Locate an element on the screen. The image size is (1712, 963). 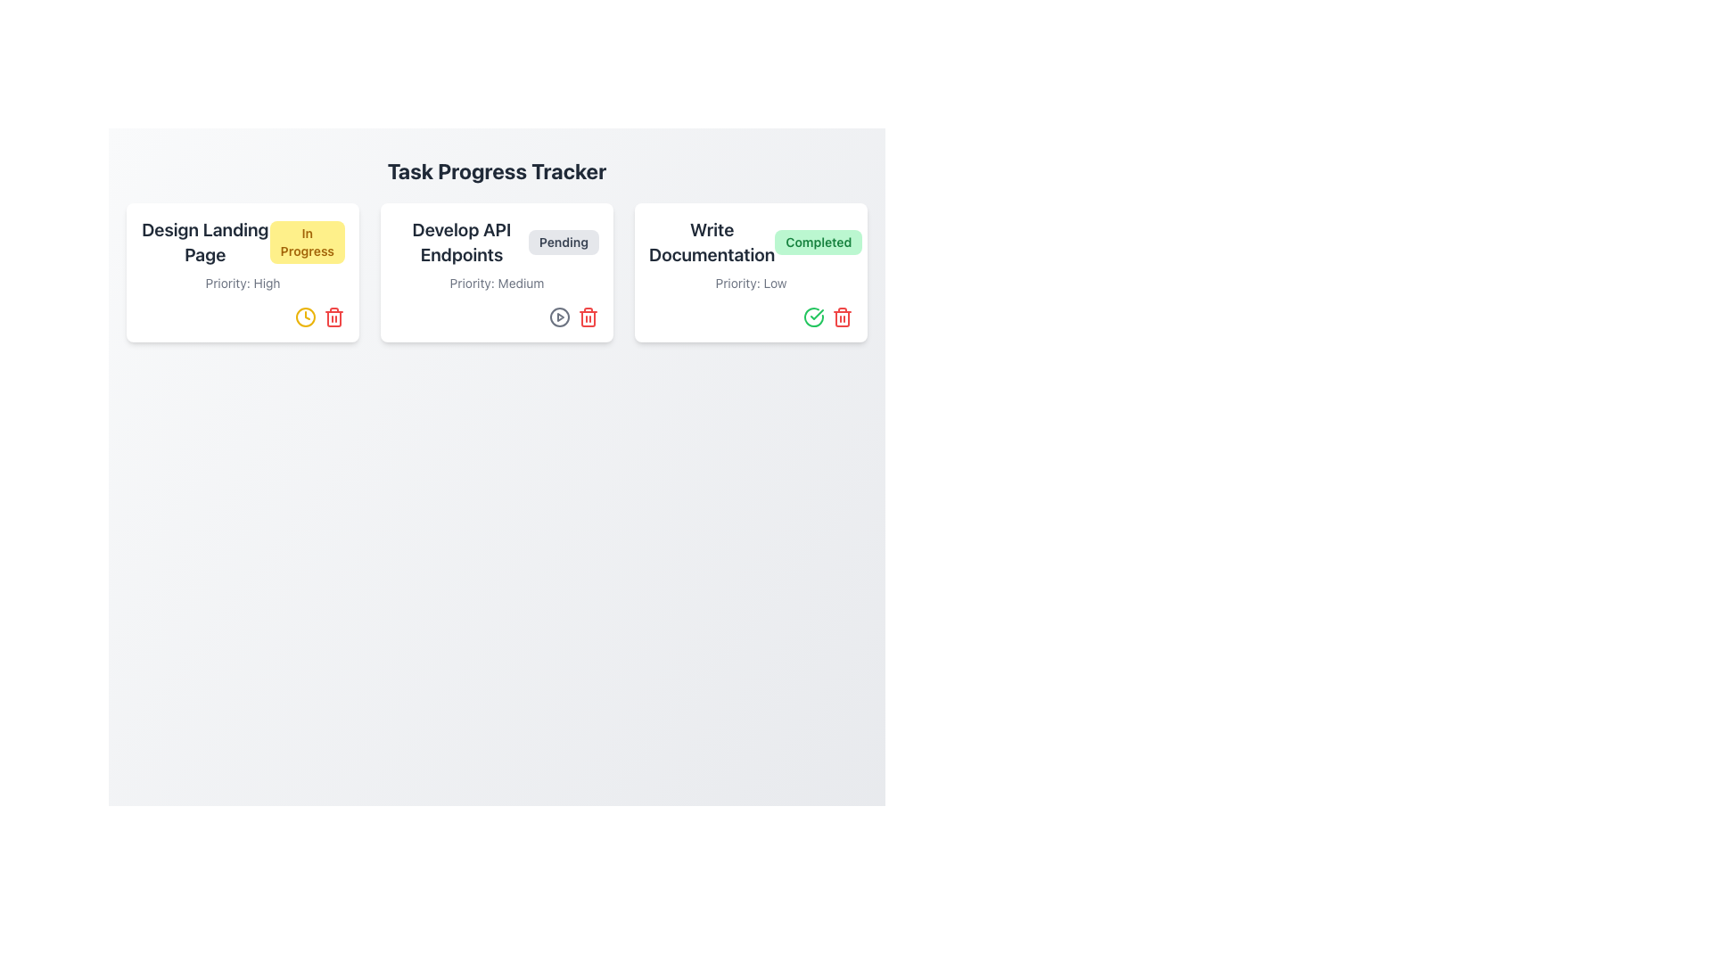
the text label displaying 'Priority: High' that is styled in gray color and positioned below the main content of the task card titled 'Design Landing Page' is located at coordinates (242, 282).